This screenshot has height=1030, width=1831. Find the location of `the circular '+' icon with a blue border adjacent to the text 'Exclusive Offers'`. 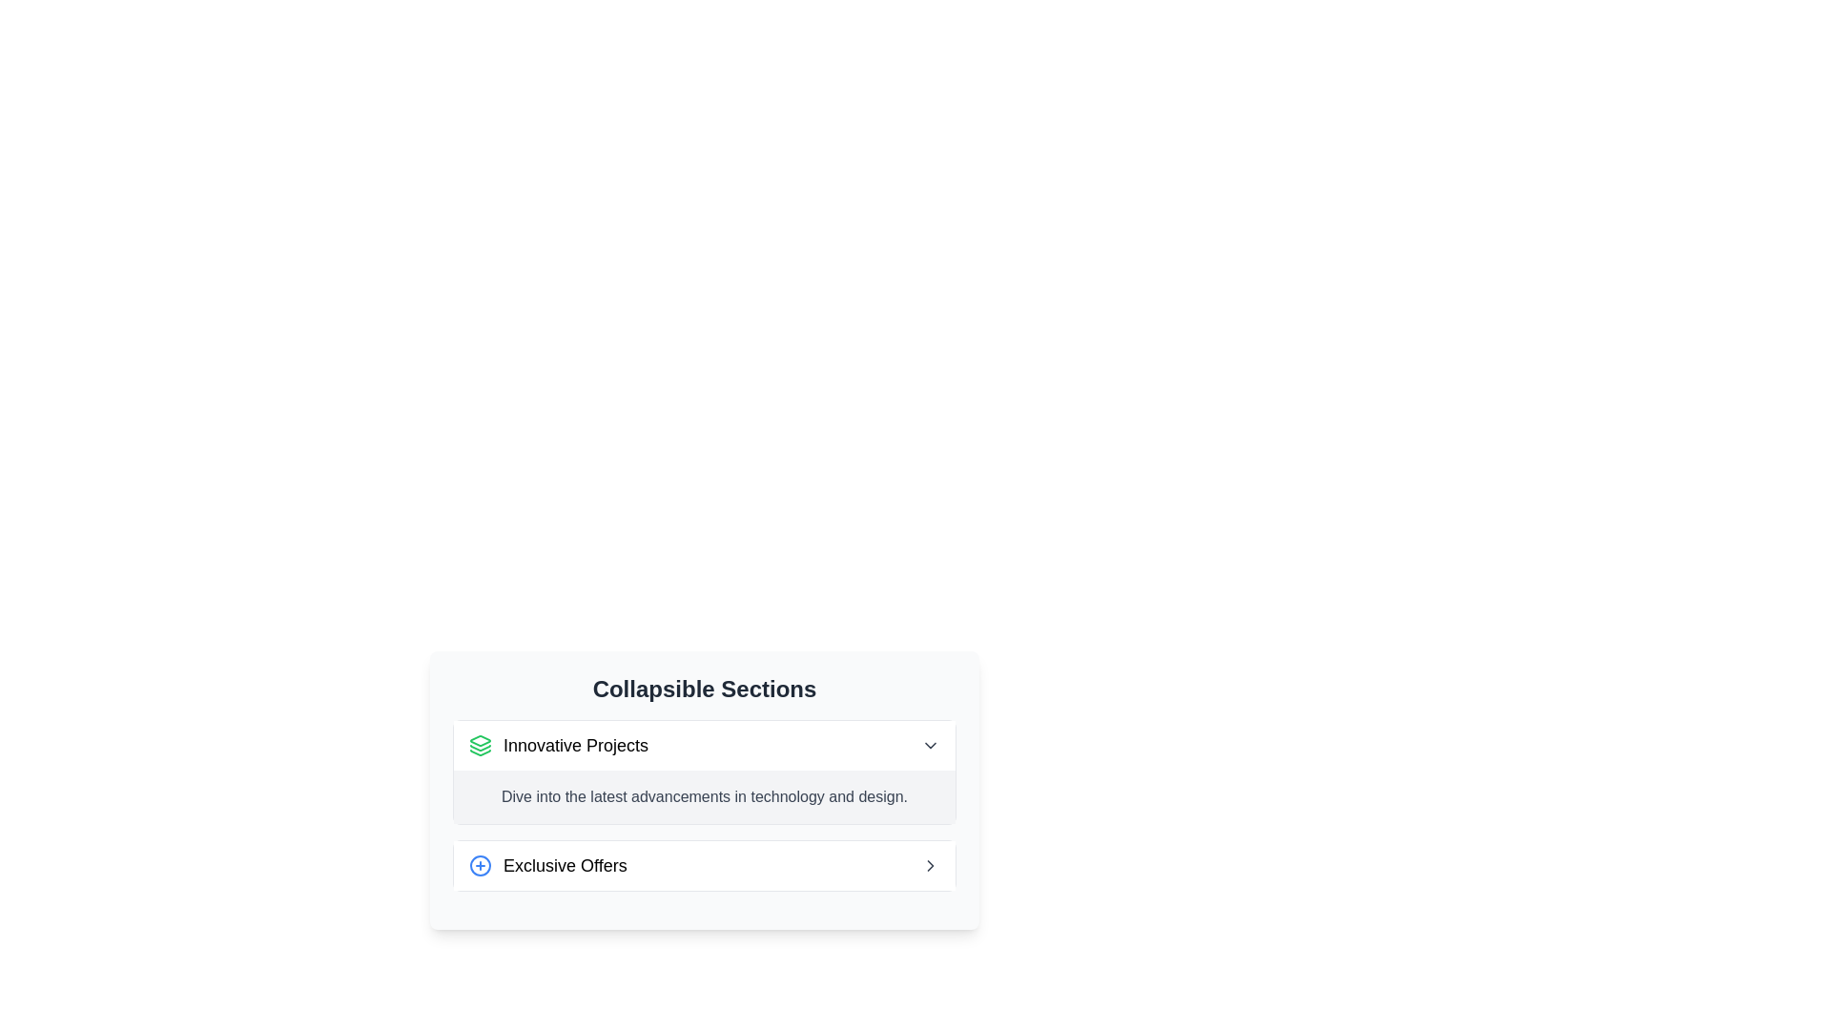

the circular '+' icon with a blue border adjacent to the text 'Exclusive Offers' is located at coordinates (481, 865).